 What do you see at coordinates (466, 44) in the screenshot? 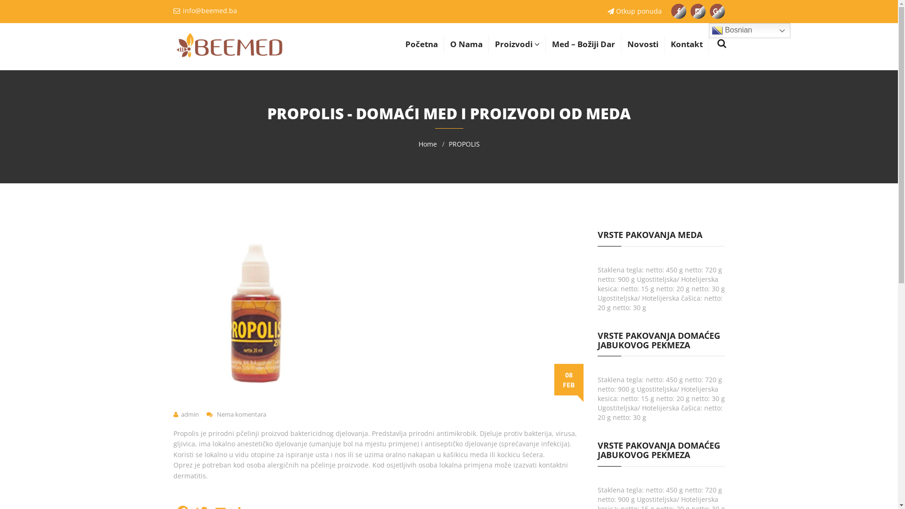
I see `'O Nama'` at bounding box center [466, 44].